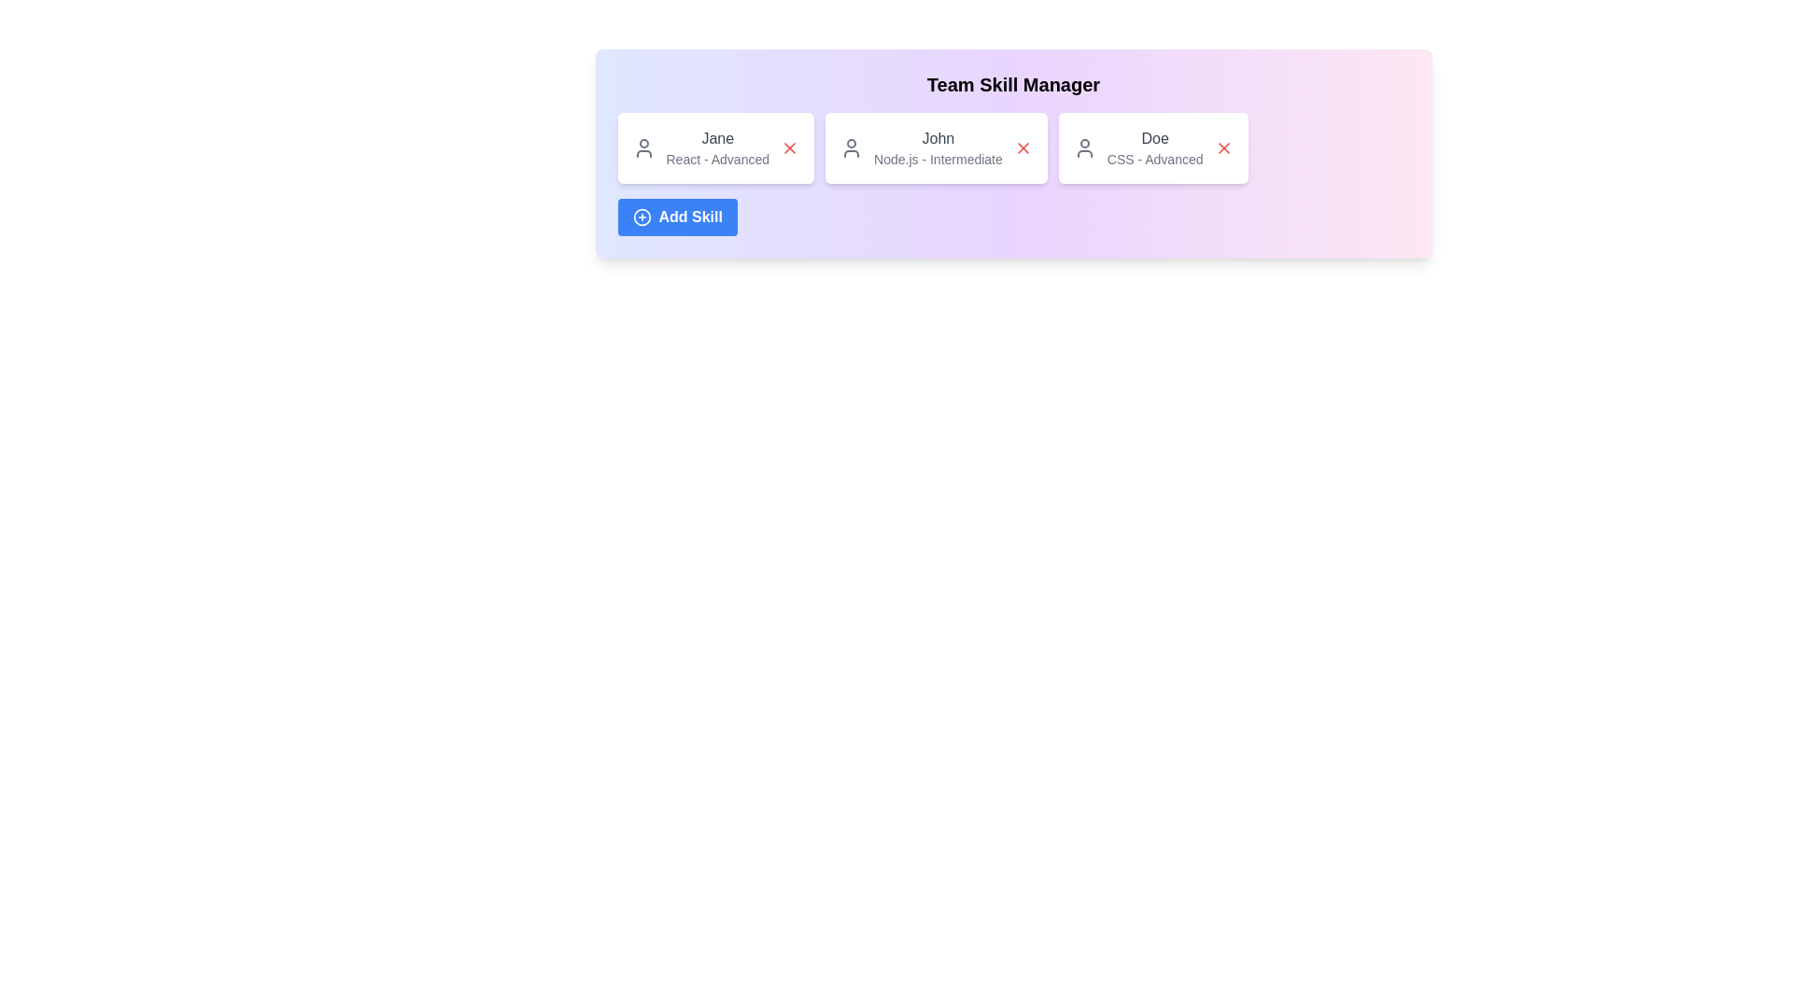 Image resolution: width=1793 pixels, height=1008 pixels. Describe the element at coordinates (936, 147) in the screenshot. I see `the skill card for Node.js - Intermediate to select it` at that location.